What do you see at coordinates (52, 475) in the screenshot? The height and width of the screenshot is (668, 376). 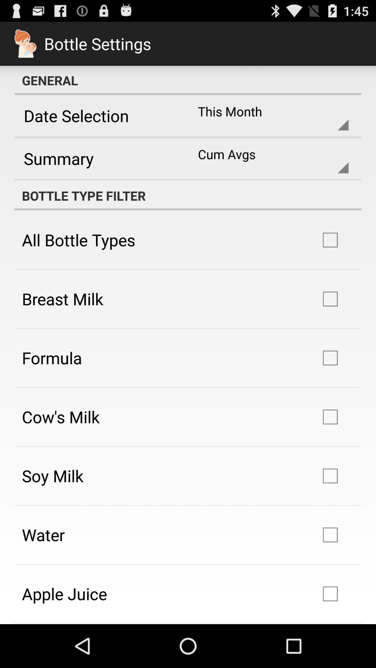 I see `soy milk` at bounding box center [52, 475].